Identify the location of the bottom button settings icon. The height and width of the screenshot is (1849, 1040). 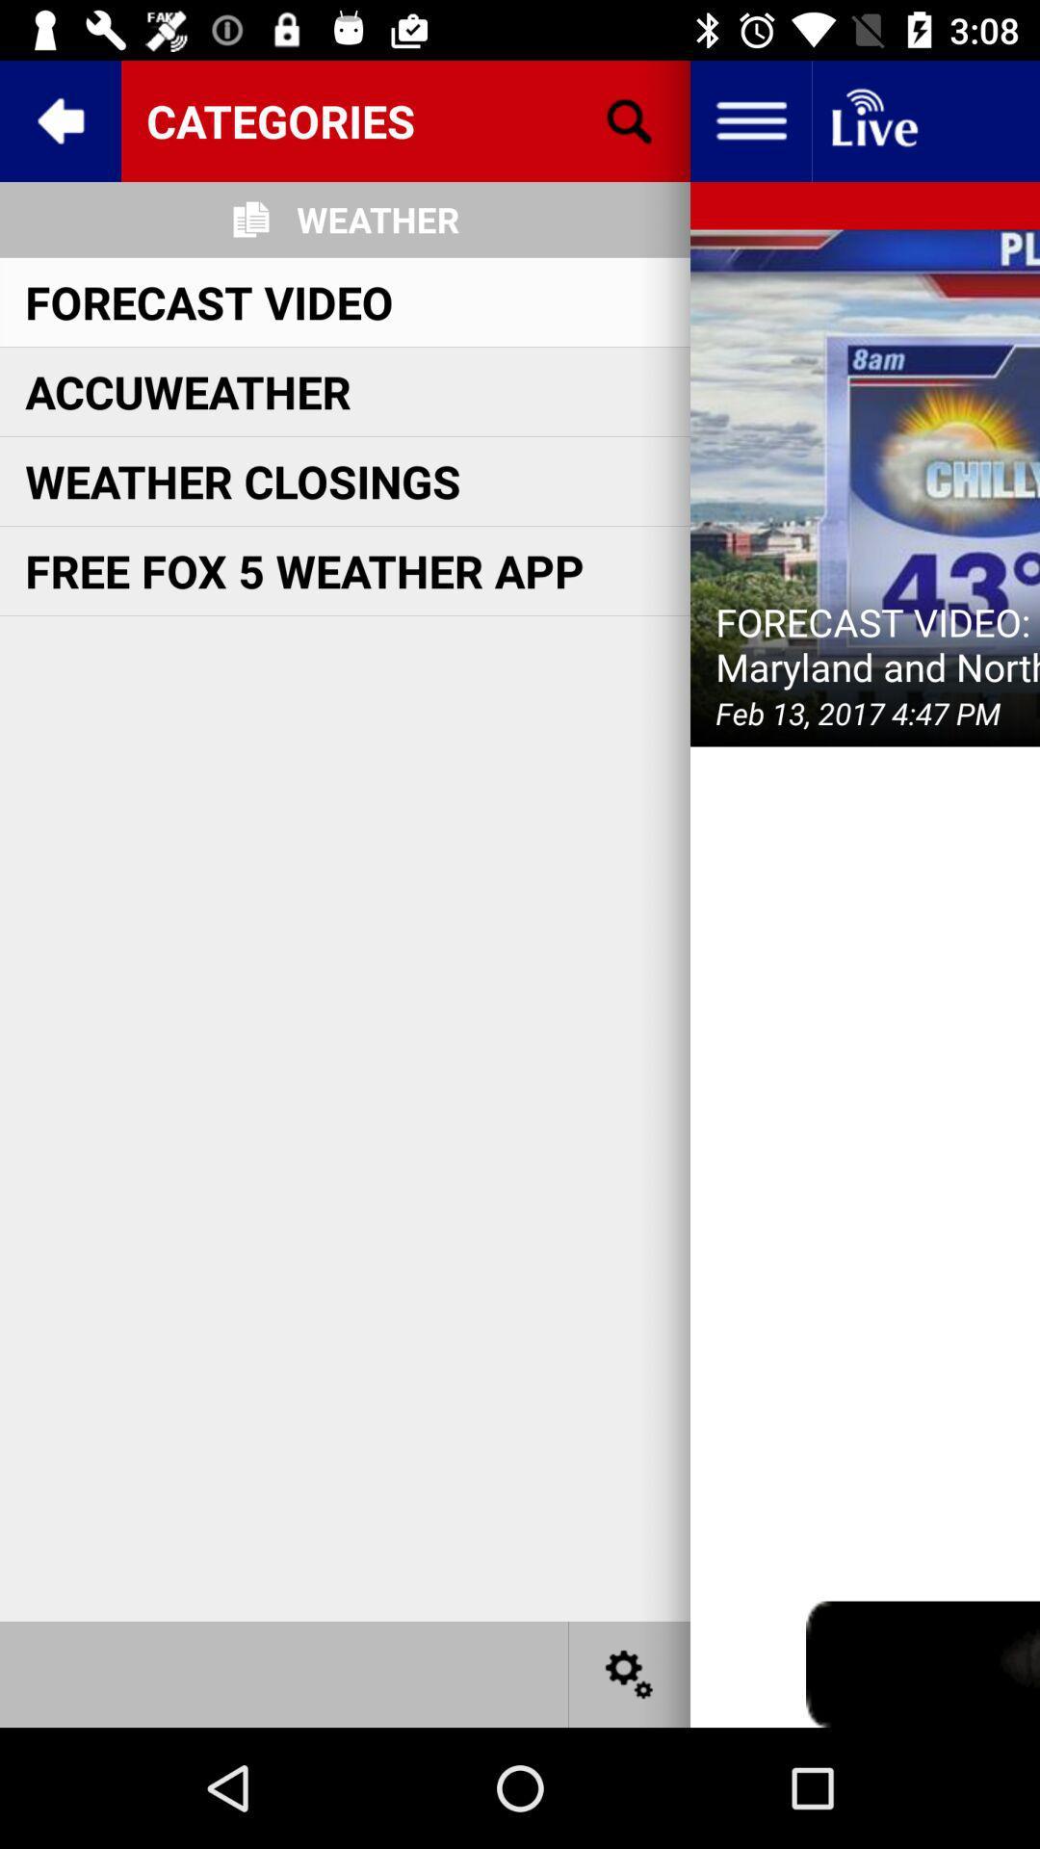
(630, 1673).